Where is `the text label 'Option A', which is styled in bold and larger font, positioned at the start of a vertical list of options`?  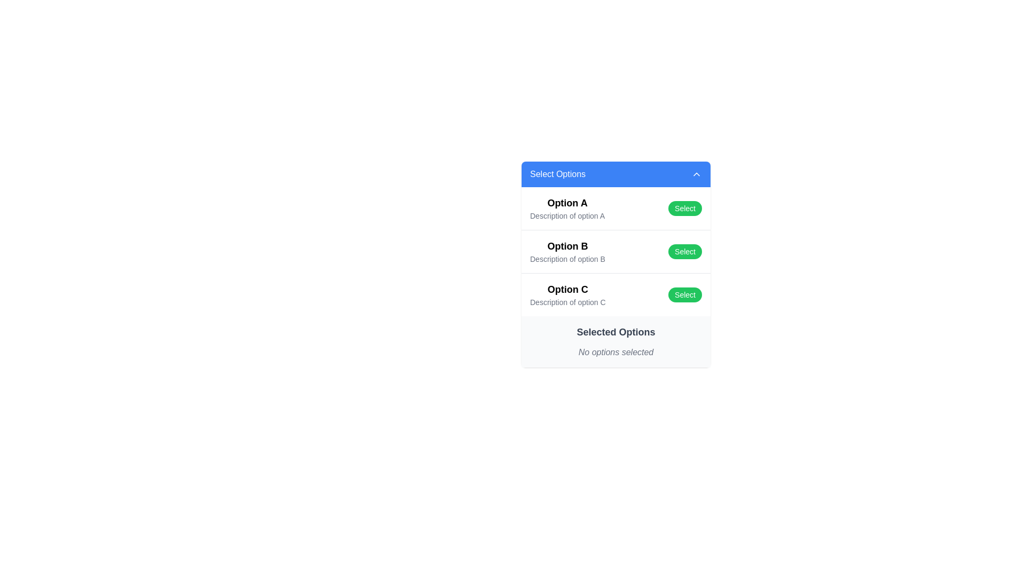 the text label 'Option A', which is styled in bold and larger font, positioned at the start of a vertical list of options is located at coordinates (567, 203).